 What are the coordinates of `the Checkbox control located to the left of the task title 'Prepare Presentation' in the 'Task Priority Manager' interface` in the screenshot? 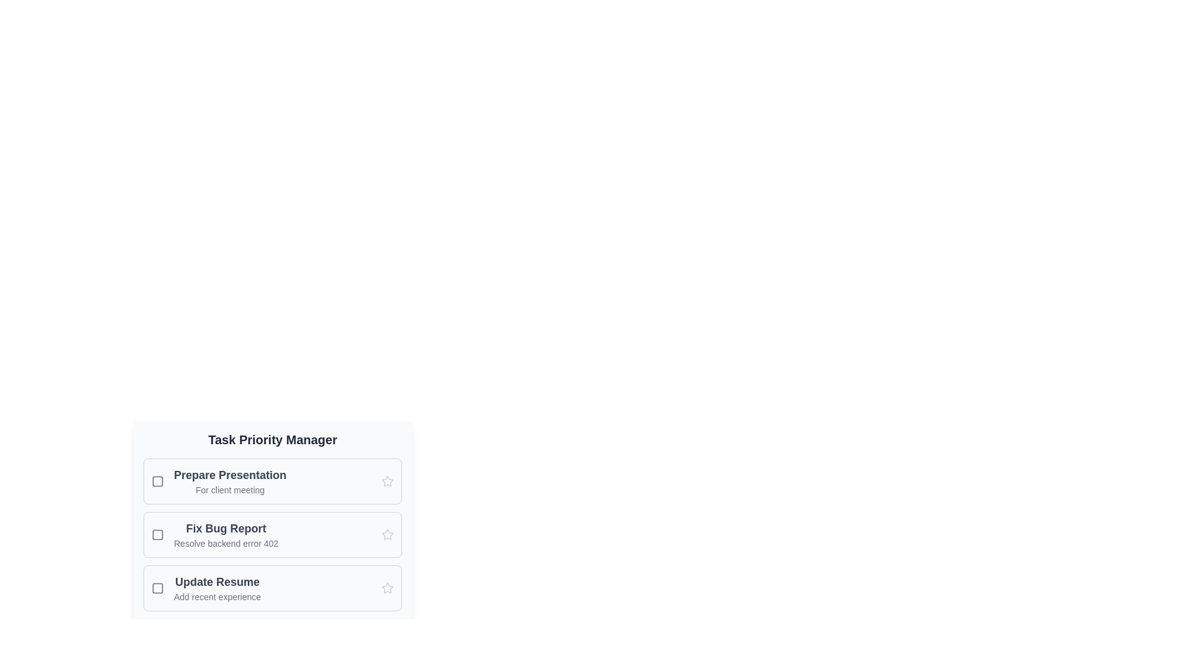 It's located at (157, 481).